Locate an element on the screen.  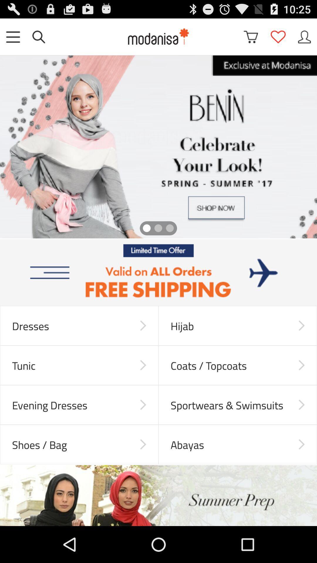
to favorites is located at coordinates (278, 36).